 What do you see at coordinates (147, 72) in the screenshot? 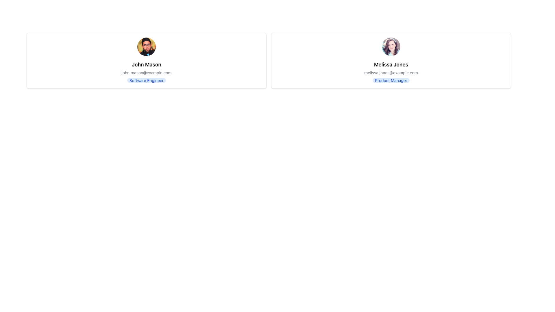
I see `the text label displaying the email address 'john.mason@example.com', which is visually secondary in importance and located between the title 'John Mason' and the label 'Software Engineer'` at bounding box center [147, 72].